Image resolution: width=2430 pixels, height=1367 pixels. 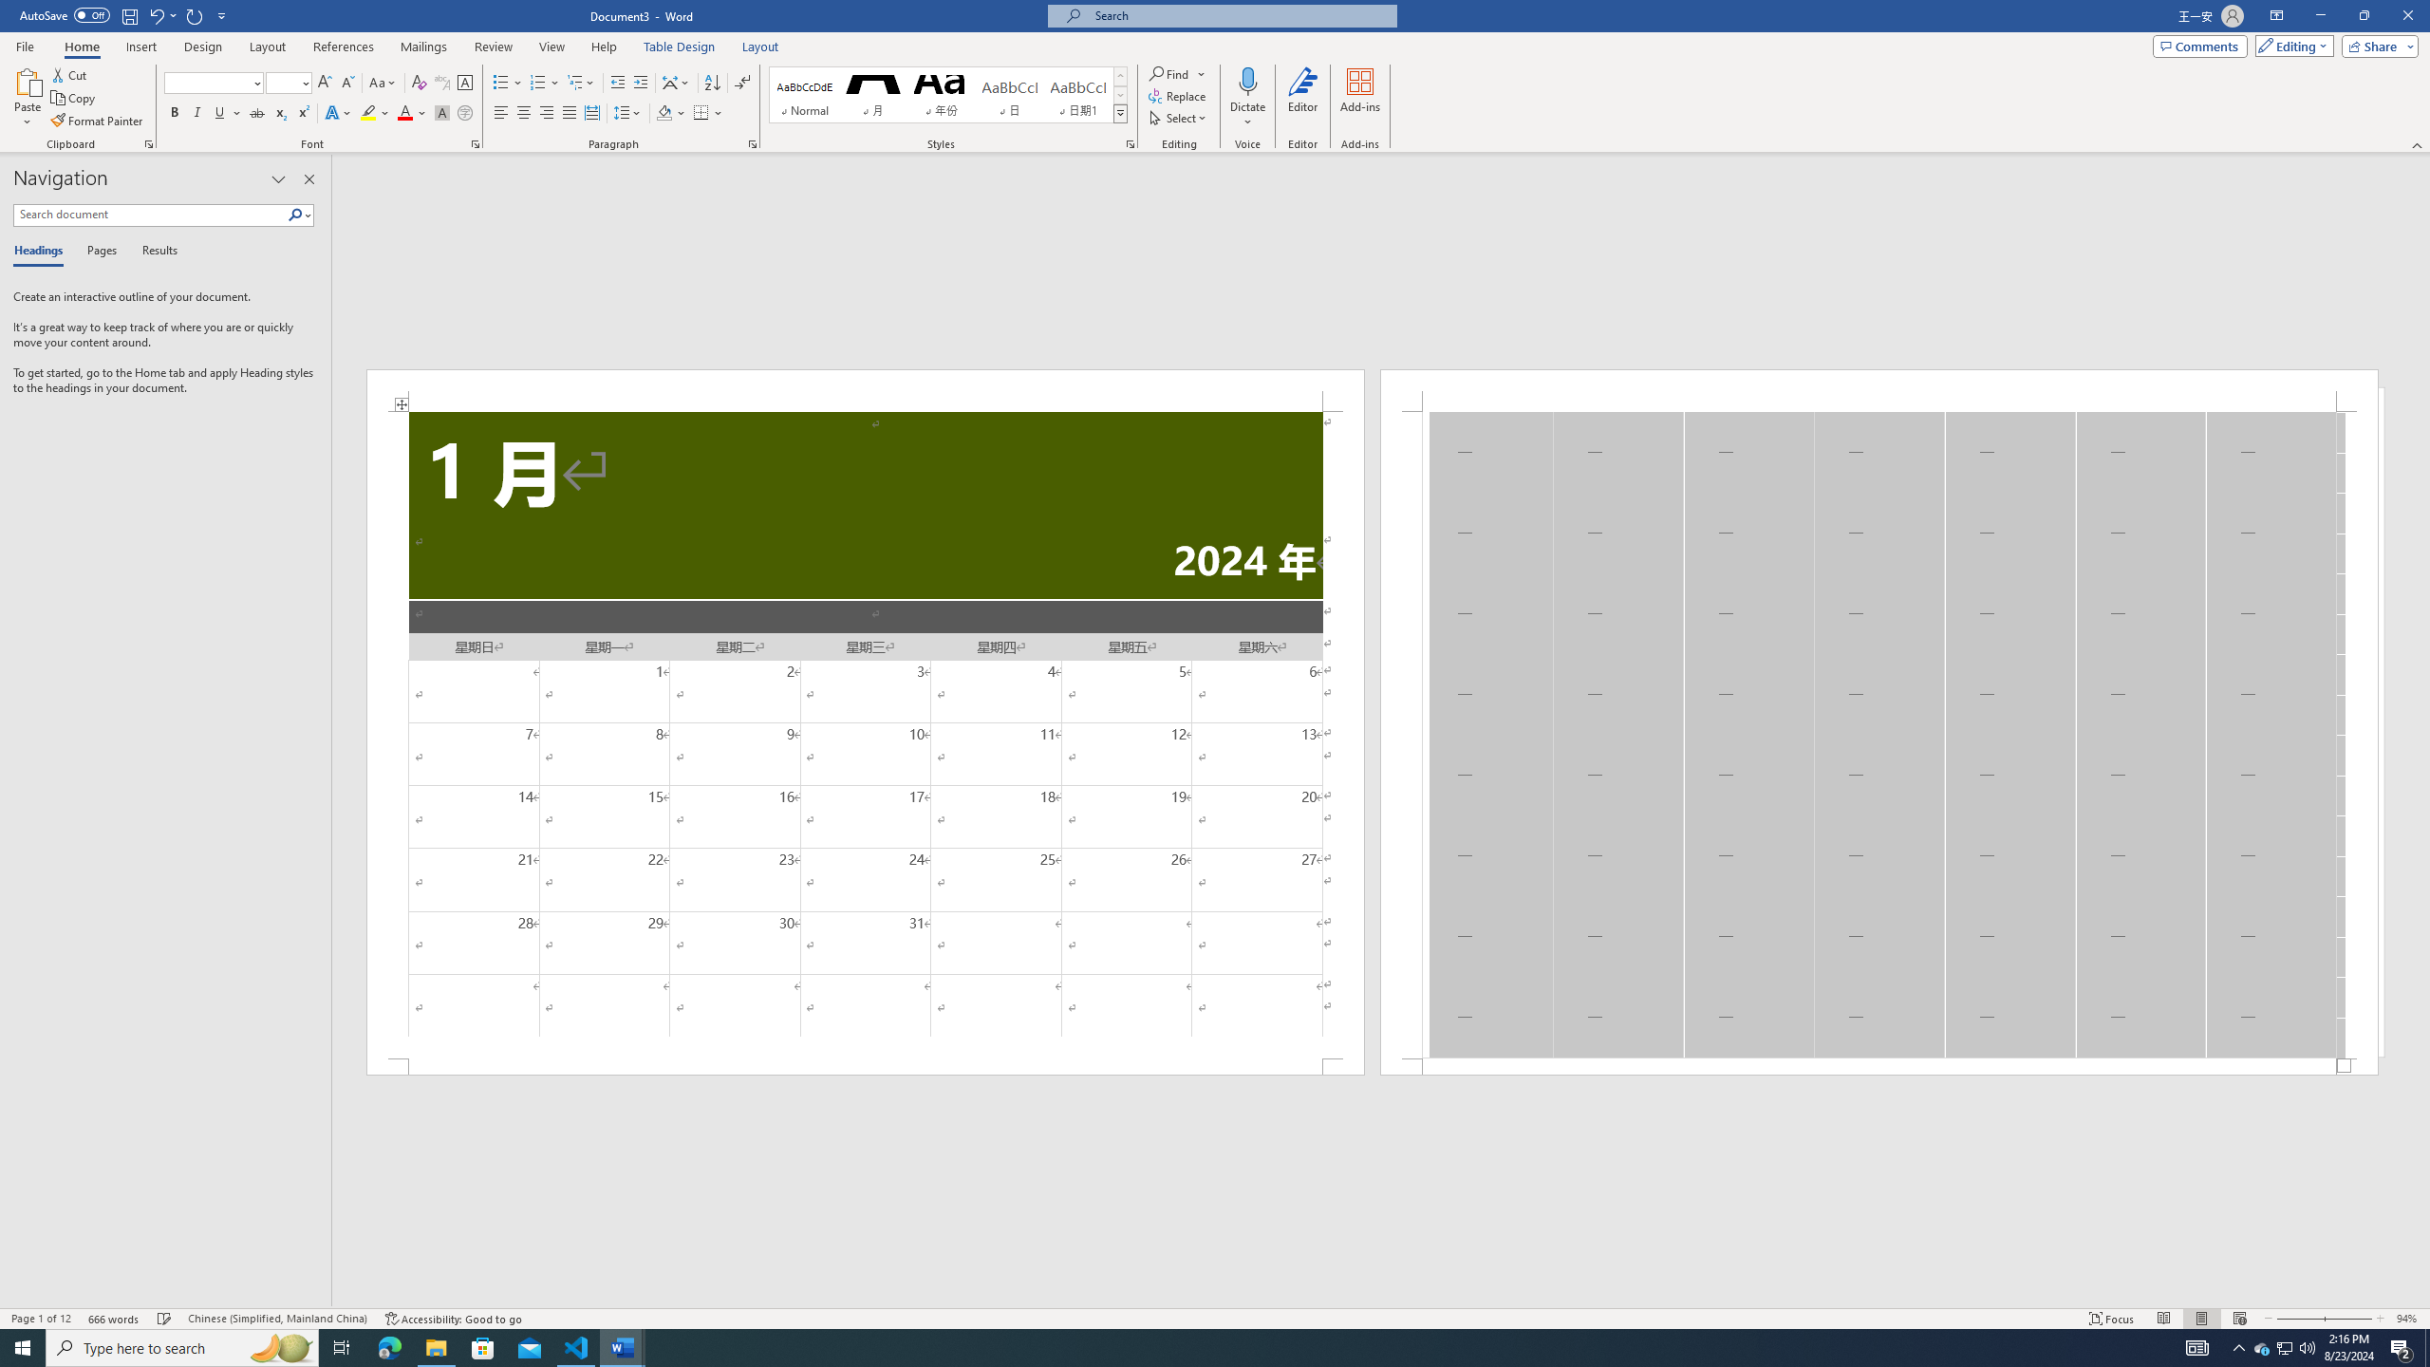 What do you see at coordinates (947, 94) in the screenshot?
I see `'AutomationID: QuickStylesGallery'` at bounding box center [947, 94].